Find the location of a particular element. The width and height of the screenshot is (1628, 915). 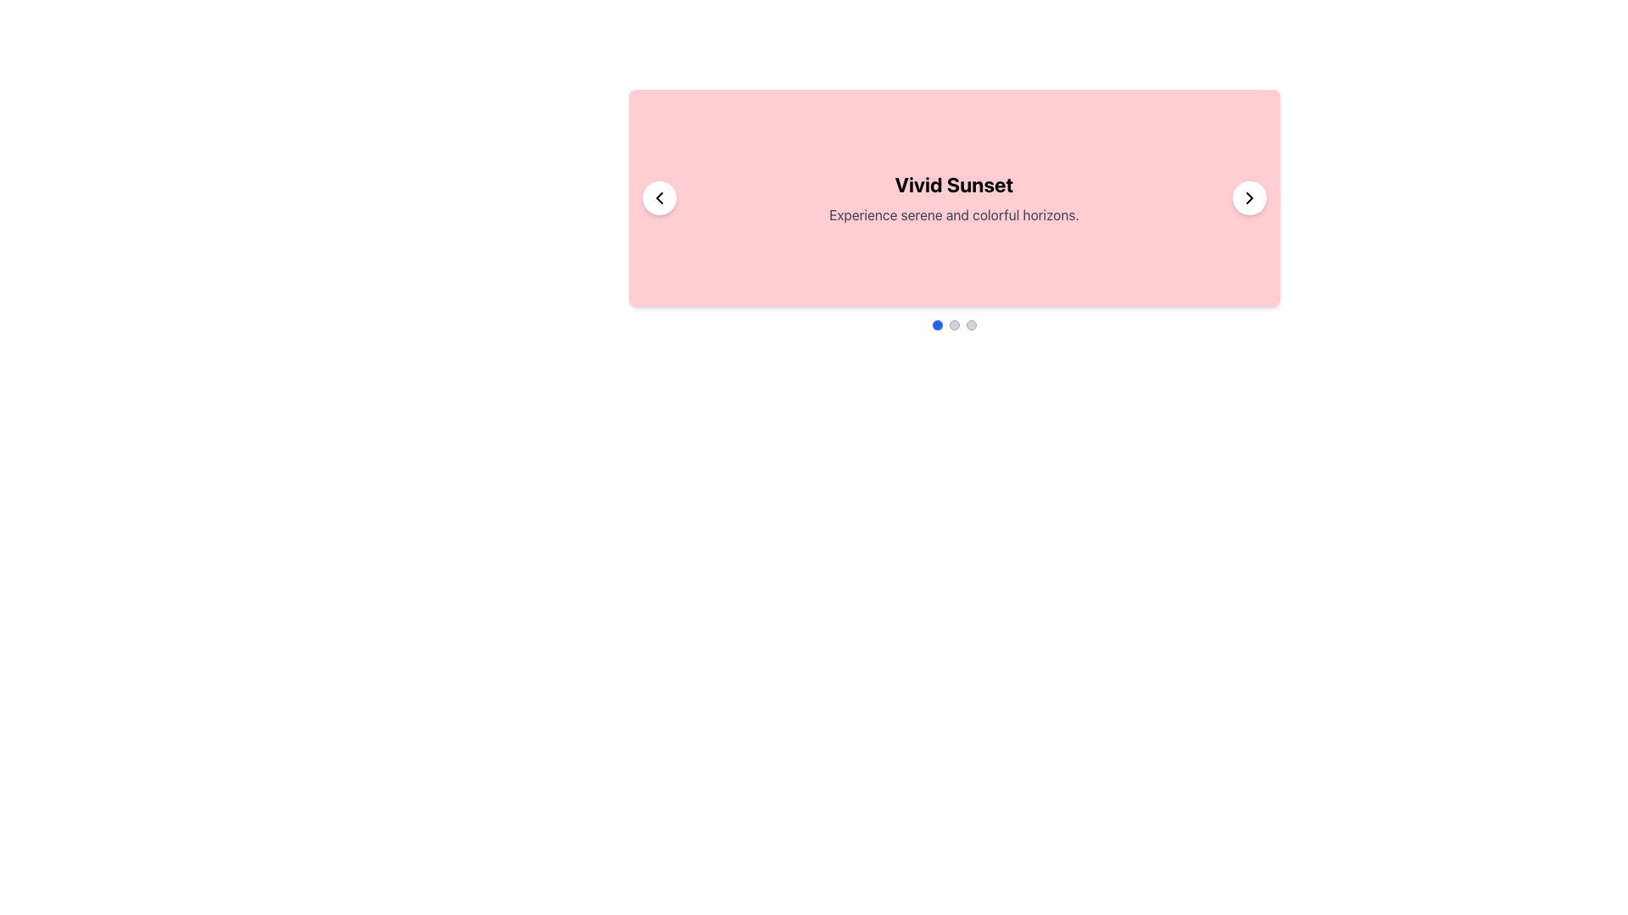

the left navigation arrow icon located within a circular element on the left side of the pink card is located at coordinates (658, 197).